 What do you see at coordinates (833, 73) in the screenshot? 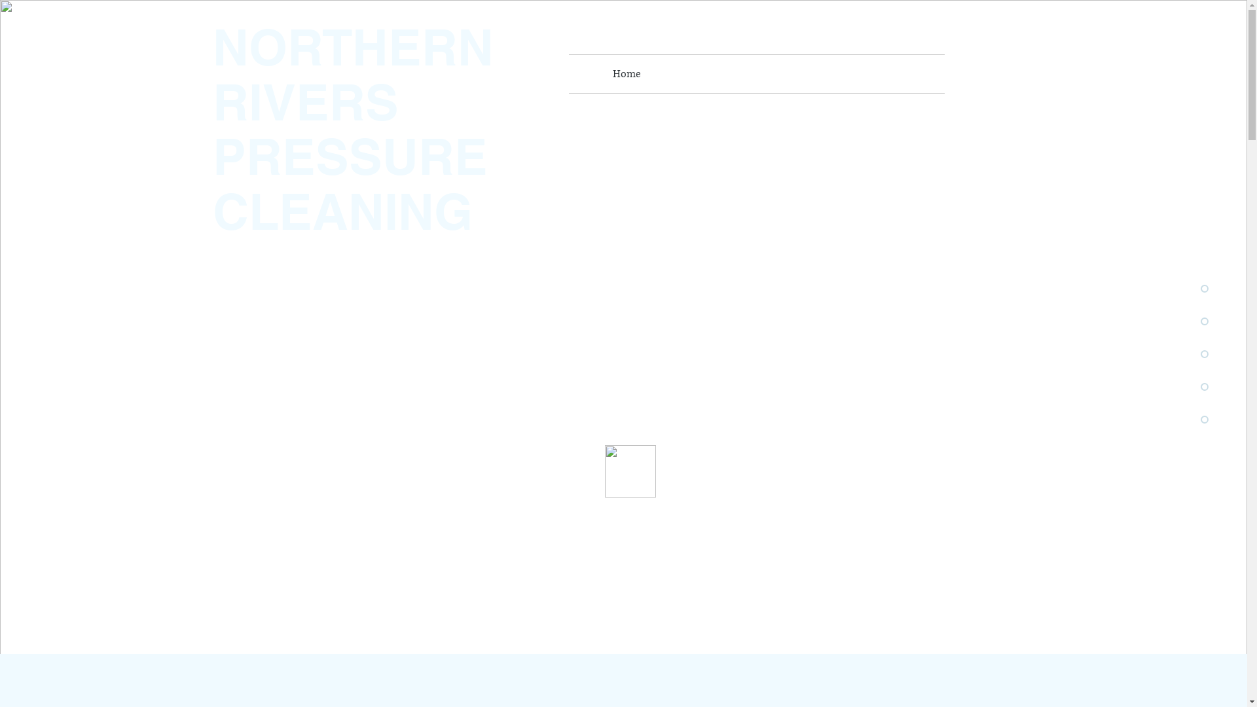
I see `'Contact'` at bounding box center [833, 73].